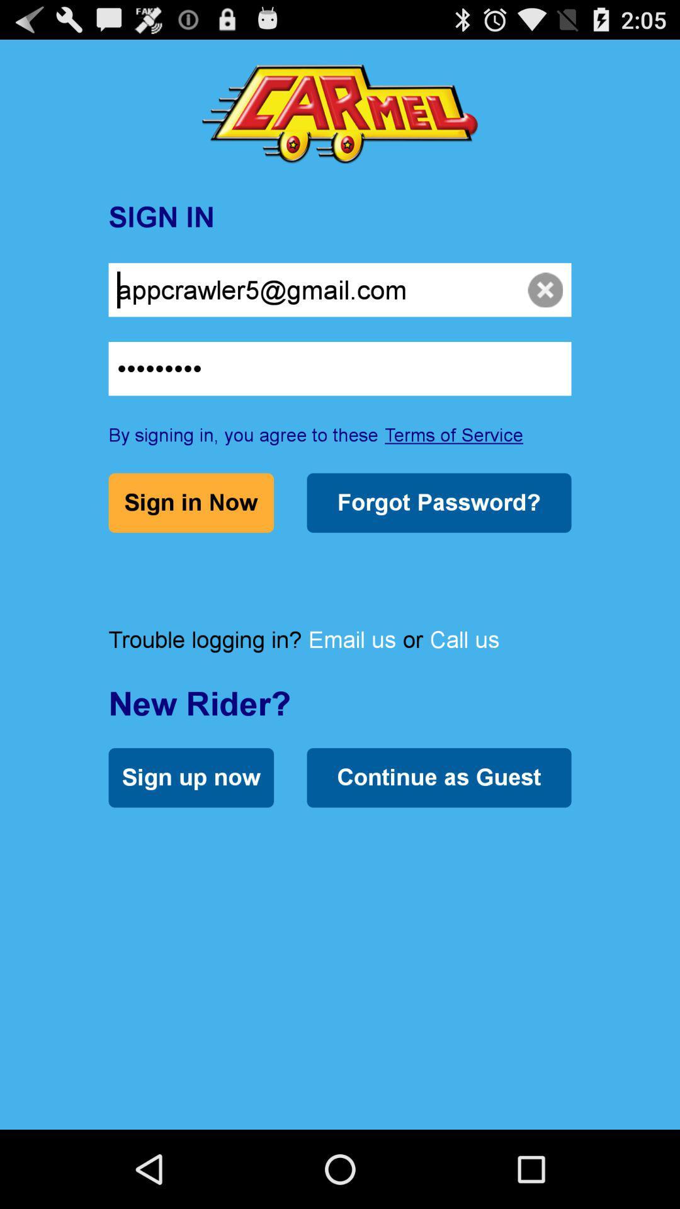 The height and width of the screenshot is (1209, 680). I want to click on item to the right of trouble logging in?, so click(352, 639).